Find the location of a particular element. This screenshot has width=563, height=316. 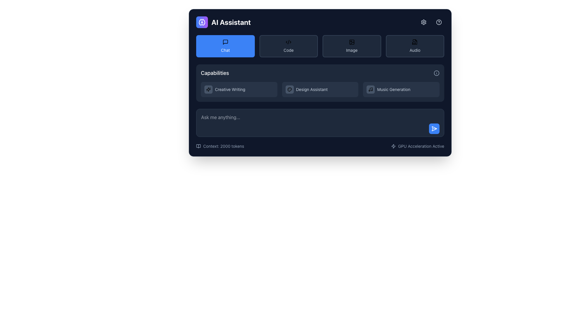

the icon that represents design or artistic tools, which is located in the capabilities section of the interface is located at coordinates (289, 89).